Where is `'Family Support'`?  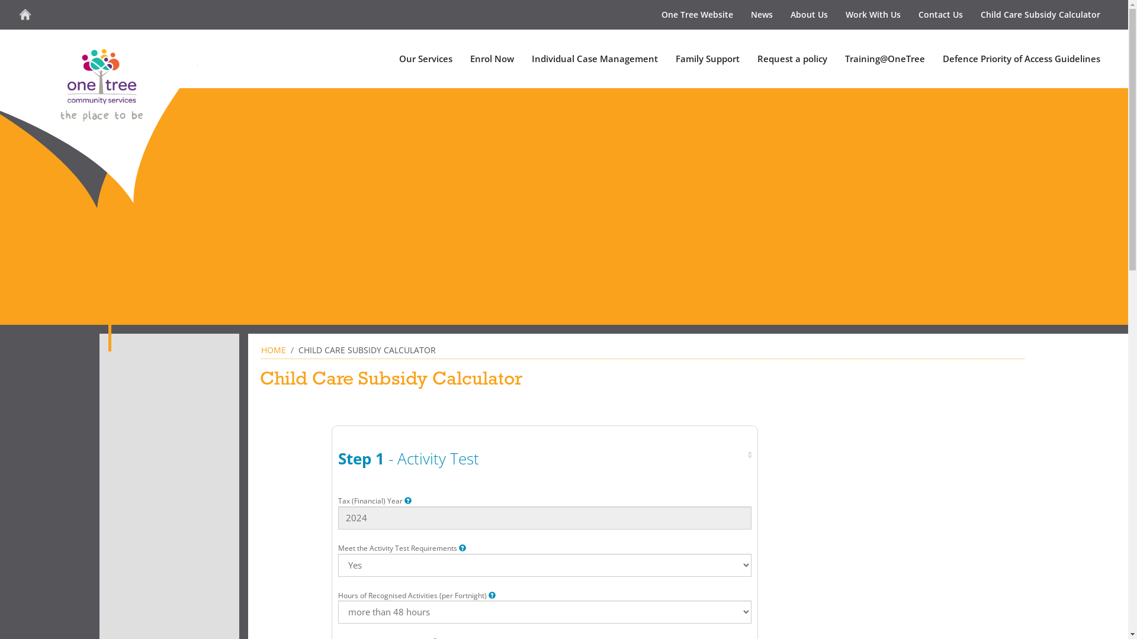
'Family Support' is located at coordinates (667, 59).